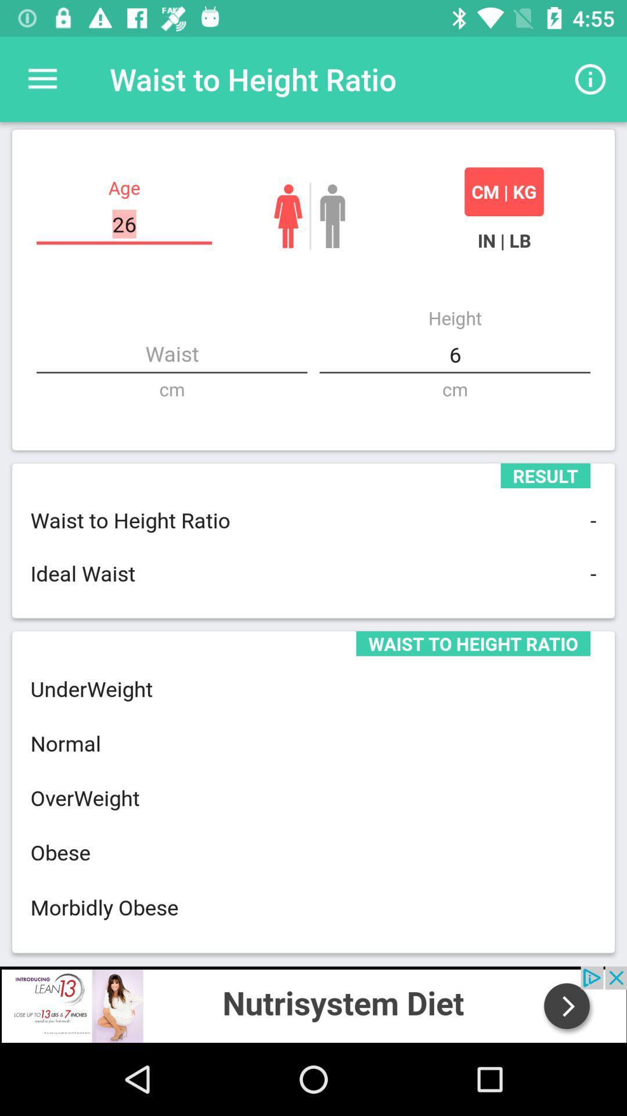 Image resolution: width=627 pixels, height=1116 pixels. Describe the element at coordinates (454, 354) in the screenshot. I see `the right side height button 6` at that location.